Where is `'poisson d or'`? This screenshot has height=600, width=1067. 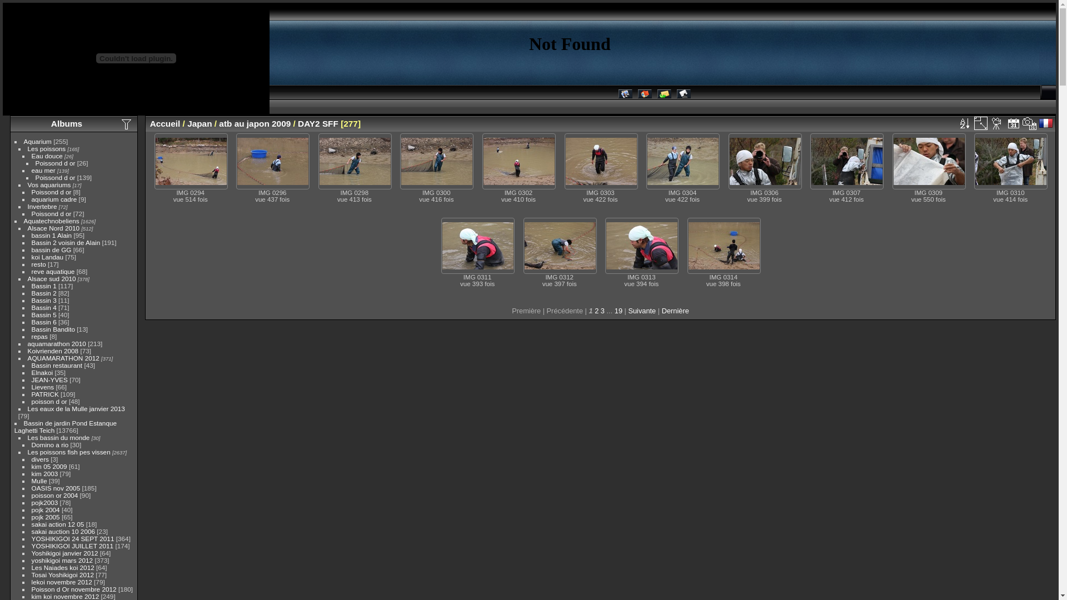 'poisson d or' is located at coordinates (49, 401).